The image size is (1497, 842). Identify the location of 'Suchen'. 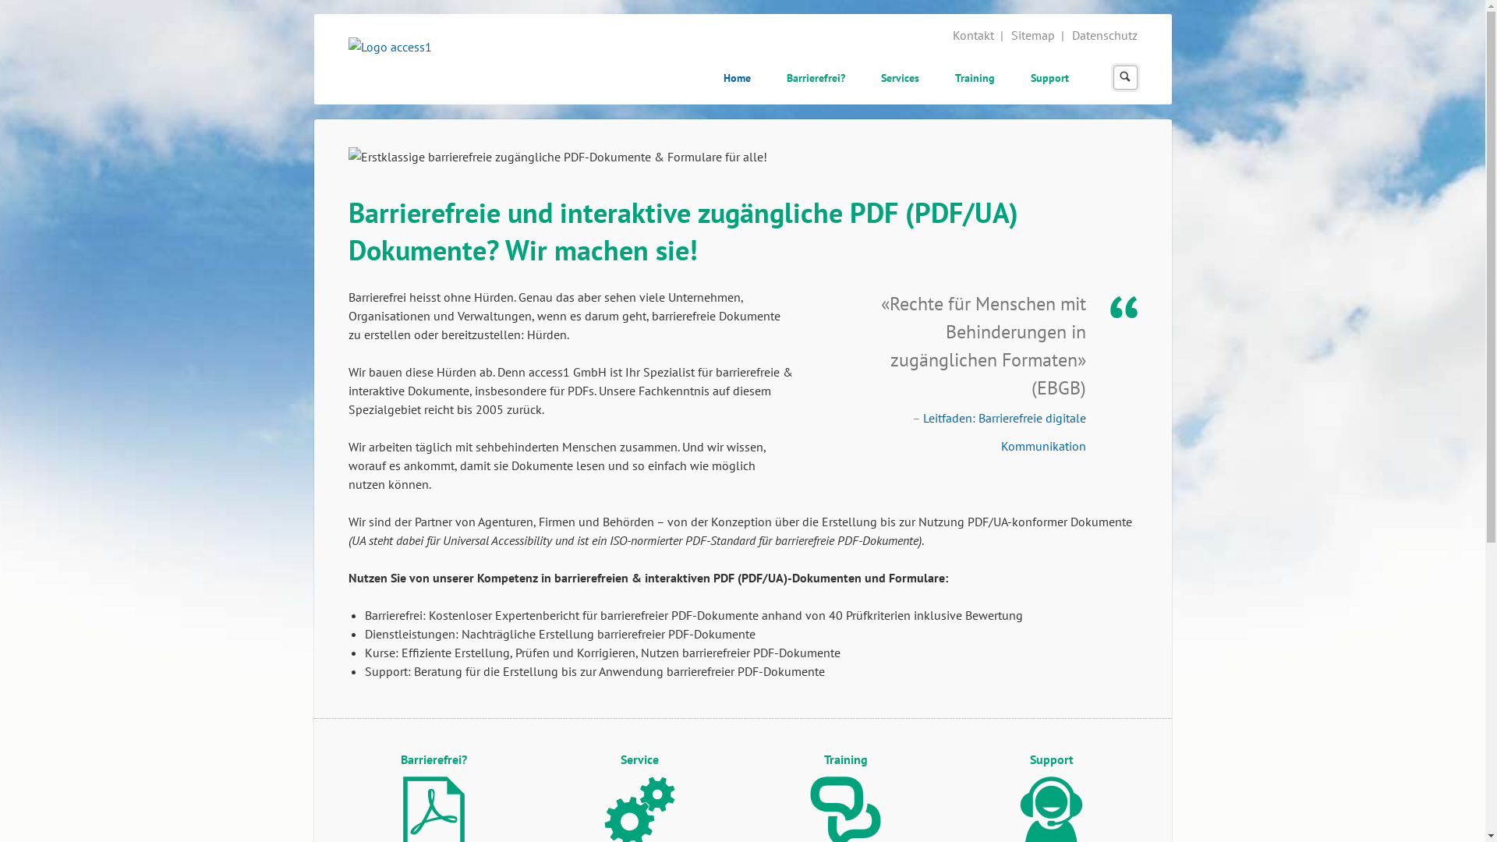
(1124, 77).